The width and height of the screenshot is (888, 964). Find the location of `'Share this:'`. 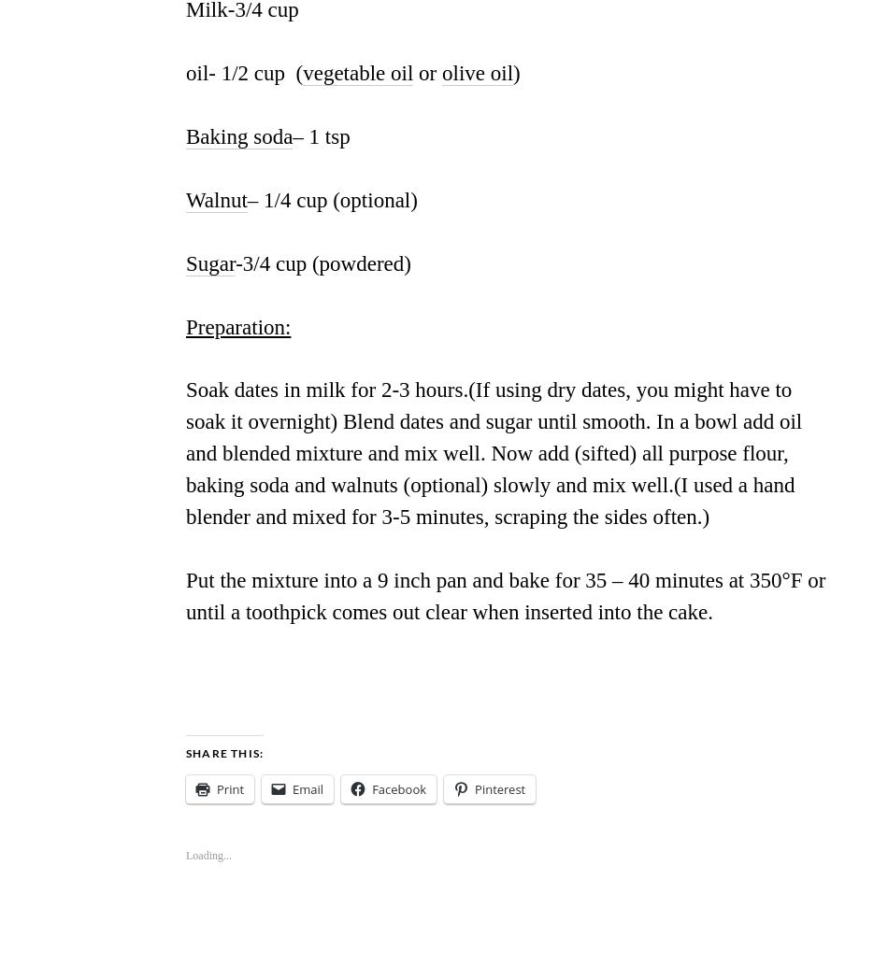

'Share this:' is located at coordinates (223, 752).